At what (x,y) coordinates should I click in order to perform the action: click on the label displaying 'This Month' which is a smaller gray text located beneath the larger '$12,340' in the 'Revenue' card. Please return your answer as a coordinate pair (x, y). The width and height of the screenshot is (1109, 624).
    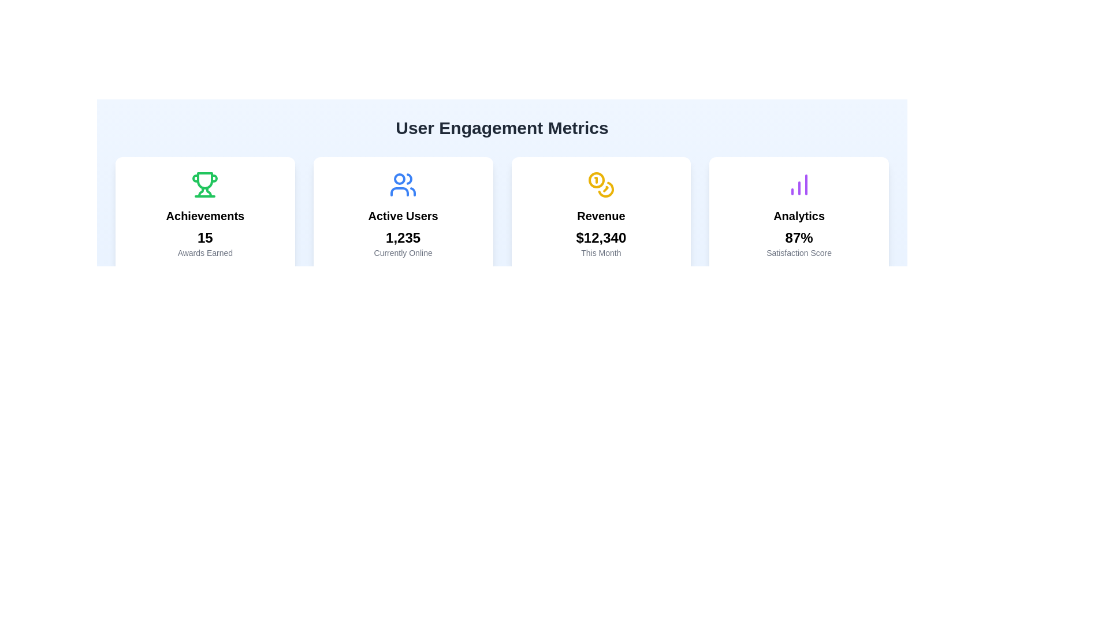
    Looking at the image, I should click on (601, 252).